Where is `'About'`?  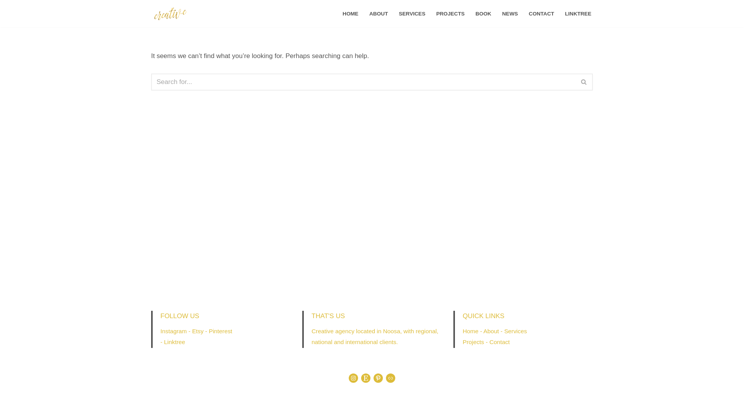
'About' is located at coordinates (483, 331).